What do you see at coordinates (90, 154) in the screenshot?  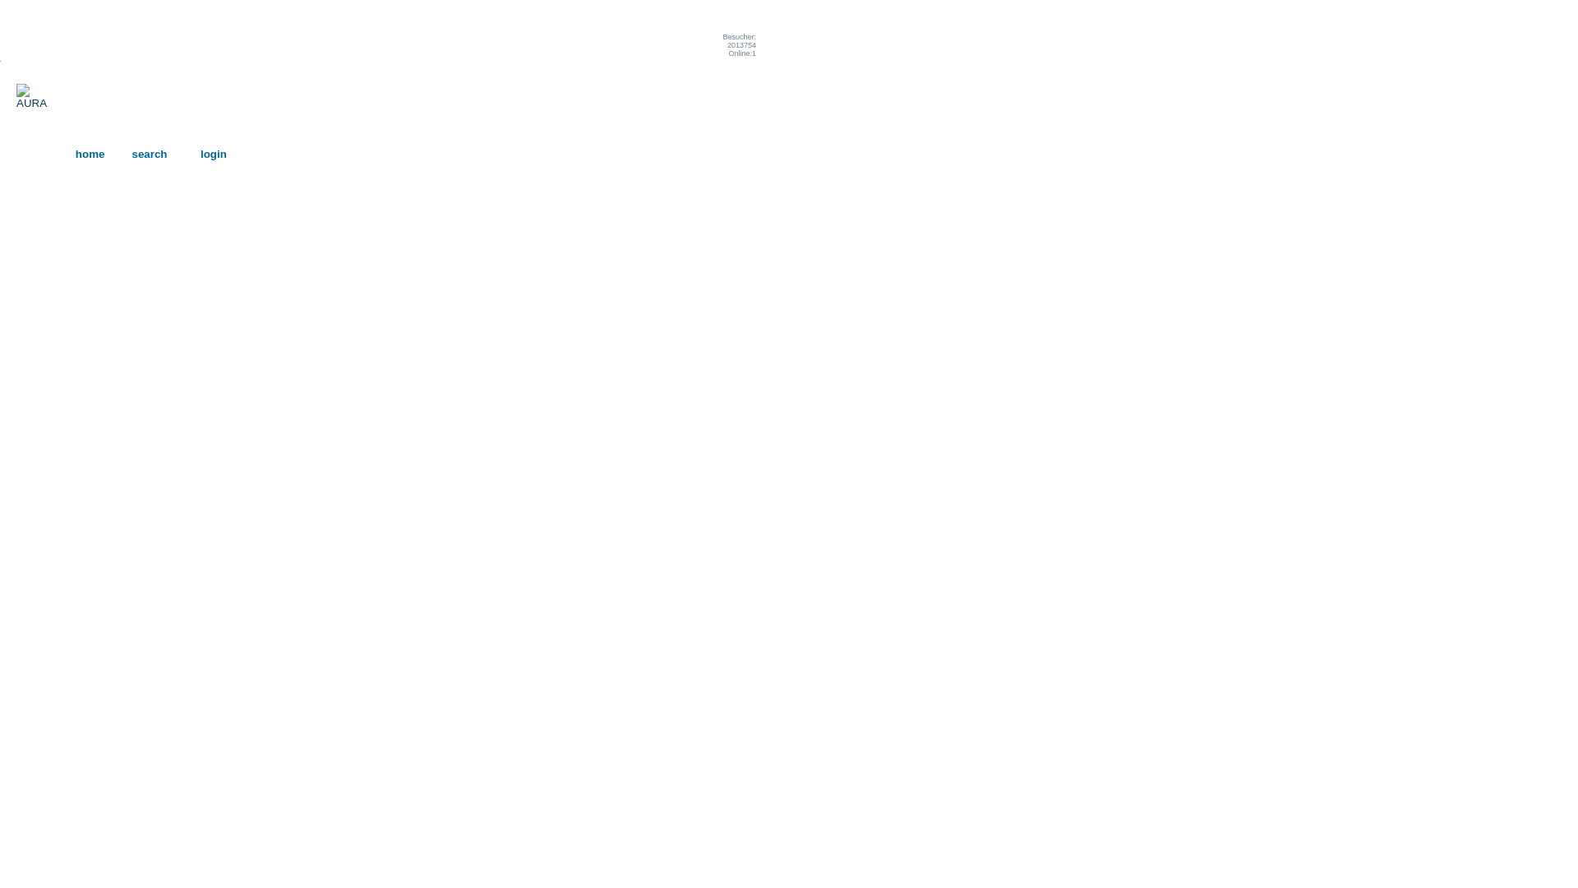 I see `'home'` at bounding box center [90, 154].